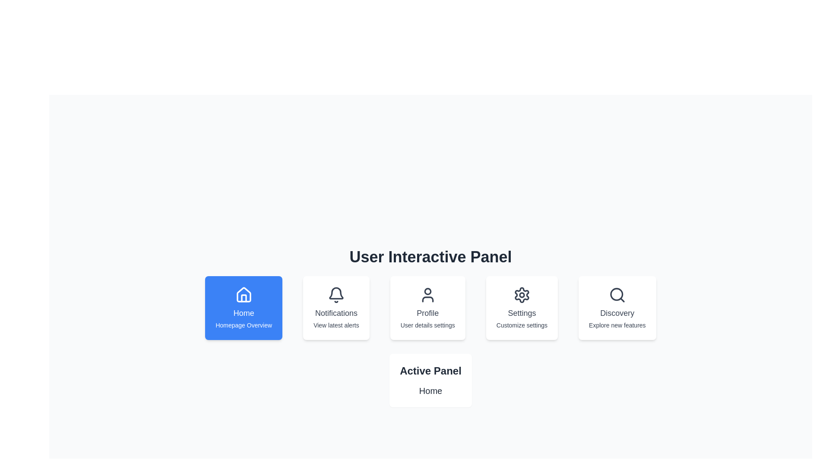 The image size is (829, 466). Describe the element at coordinates (427, 299) in the screenshot. I see `the aesthetic SVG shape element that outlines the 'Profile' selection button, located beneath the user's head icon` at that location.